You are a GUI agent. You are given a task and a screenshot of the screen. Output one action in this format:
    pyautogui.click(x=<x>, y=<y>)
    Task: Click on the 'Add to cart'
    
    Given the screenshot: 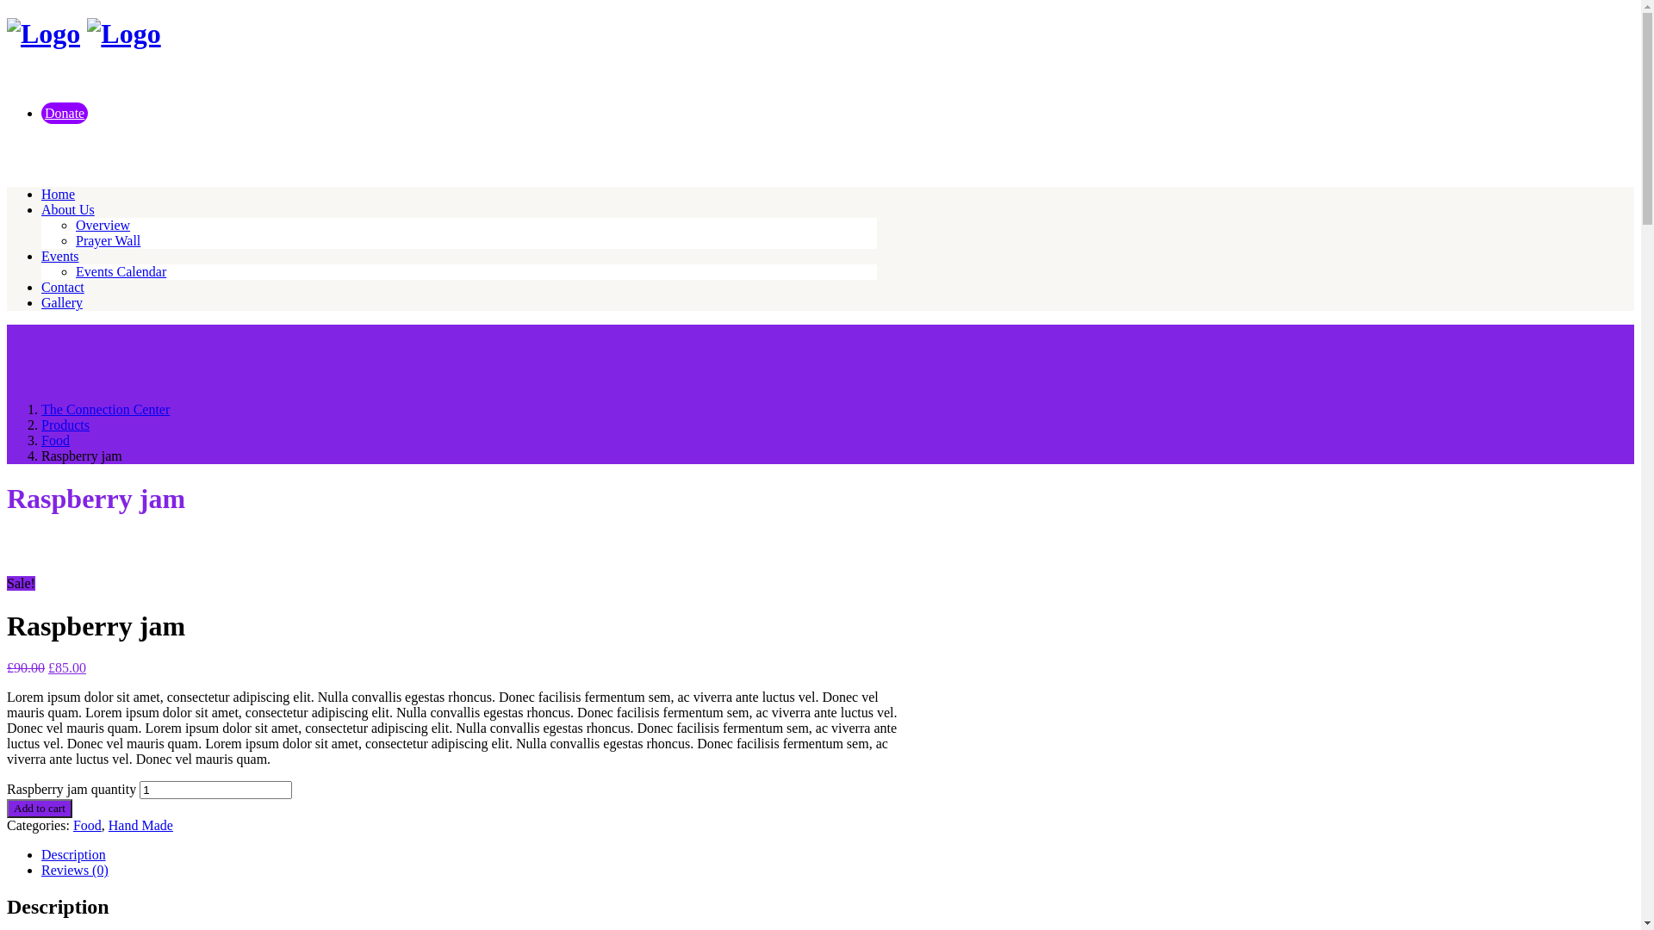 What is the action you would take?
    pyautogui.click(x=7, y=808)
    